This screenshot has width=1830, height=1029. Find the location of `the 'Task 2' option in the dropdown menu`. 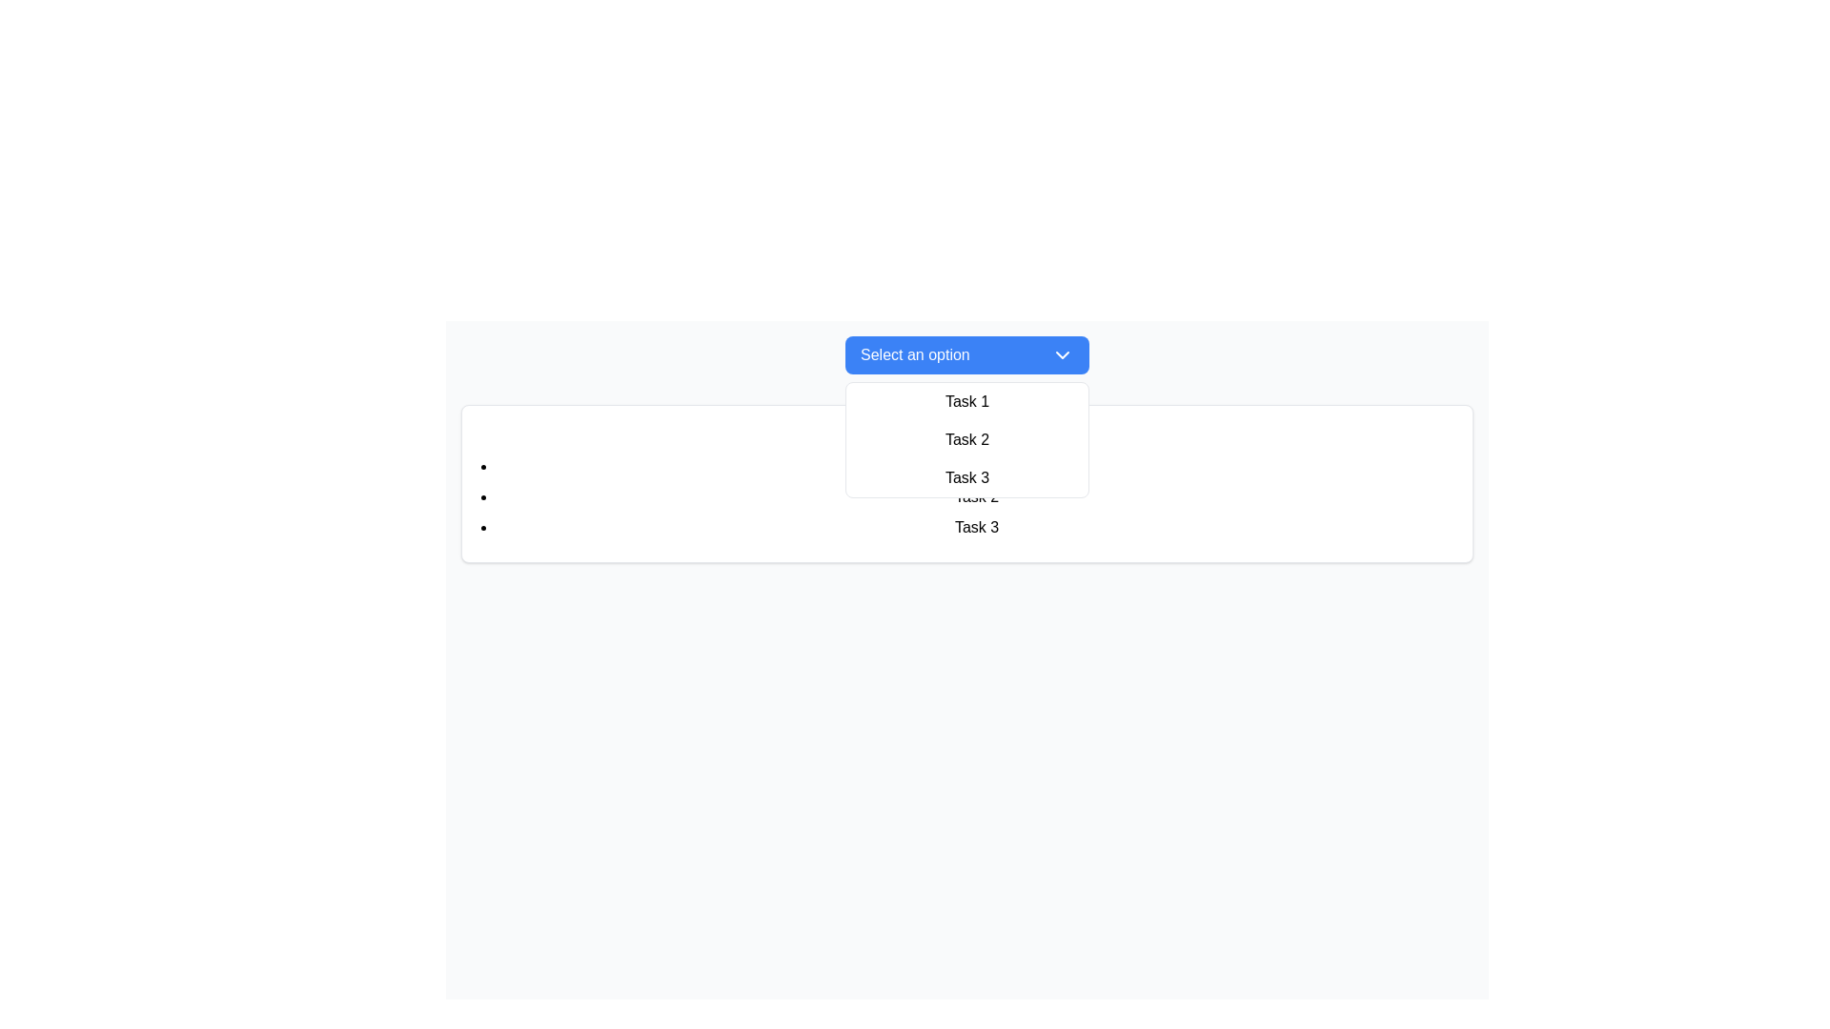

the 'Task 2' option in the dropdown menu is located at coordinates (966, 440).